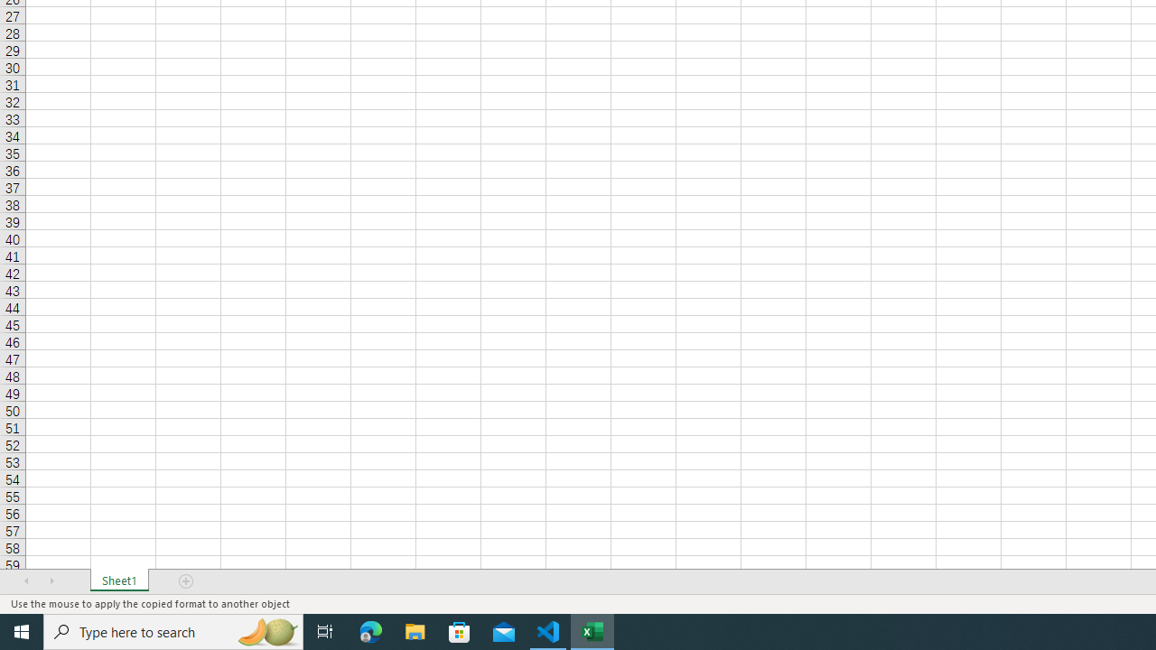 The width and height of the screenshot is (1156, 650). I want to click on 'Scroll Right', so click(51, 581).